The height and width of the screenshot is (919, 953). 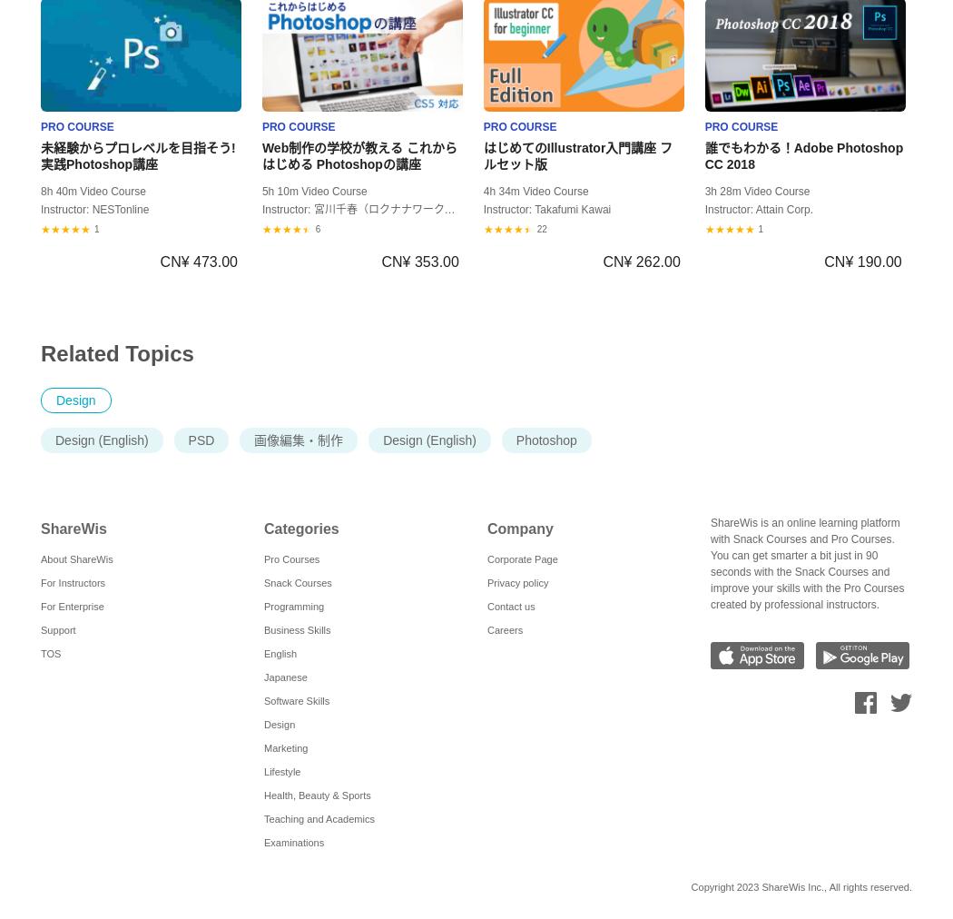 I want to click on '未経験からプロレベルを目指そう! 実践Photoshop講座', so click(x=138, y=155).